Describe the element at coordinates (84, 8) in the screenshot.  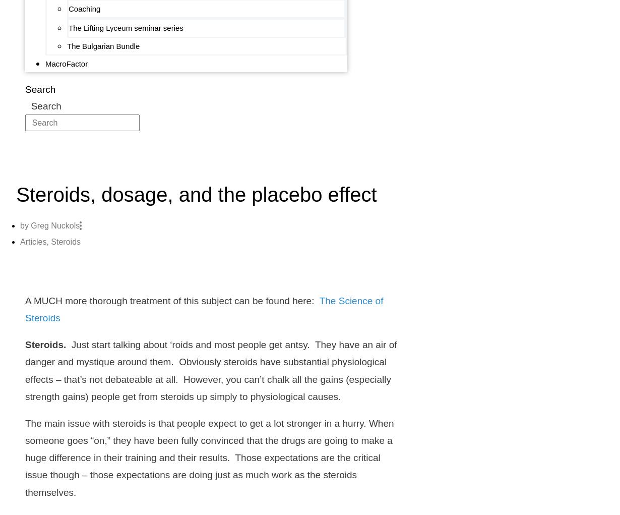
I see `'Coaching'` at that location.